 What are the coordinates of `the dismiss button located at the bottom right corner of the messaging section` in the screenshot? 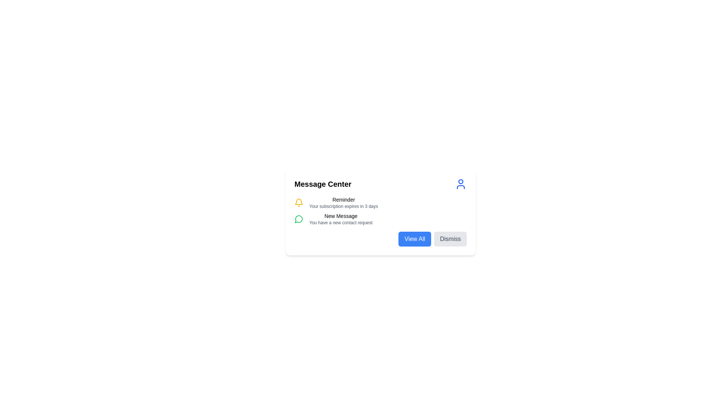 It's located at (450, 239).